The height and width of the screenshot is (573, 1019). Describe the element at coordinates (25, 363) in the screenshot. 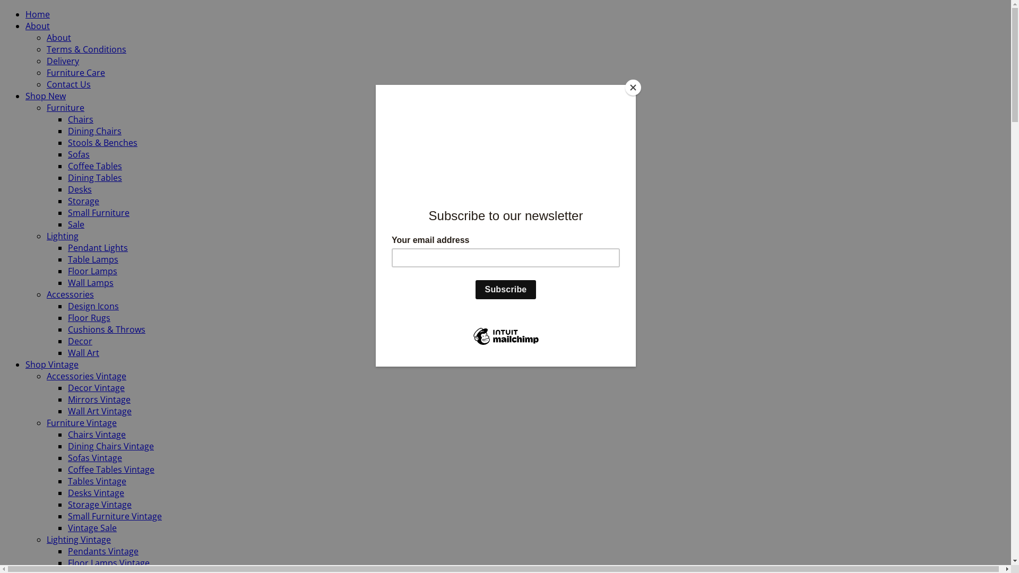

I see `'Shop Vintage'` at that location.